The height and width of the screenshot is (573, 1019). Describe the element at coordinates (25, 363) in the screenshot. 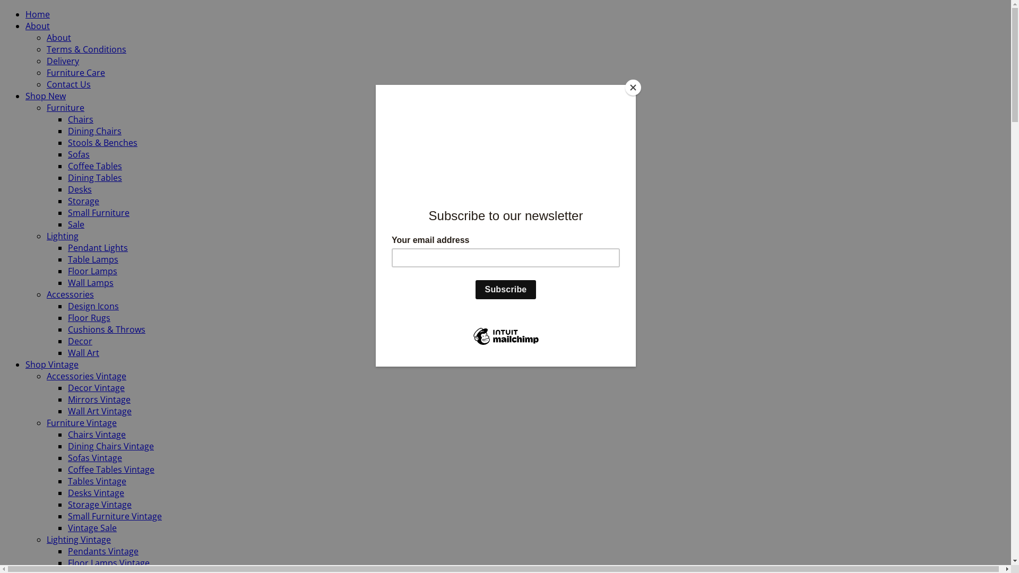

I see `'Shop Vintage'` at that location.